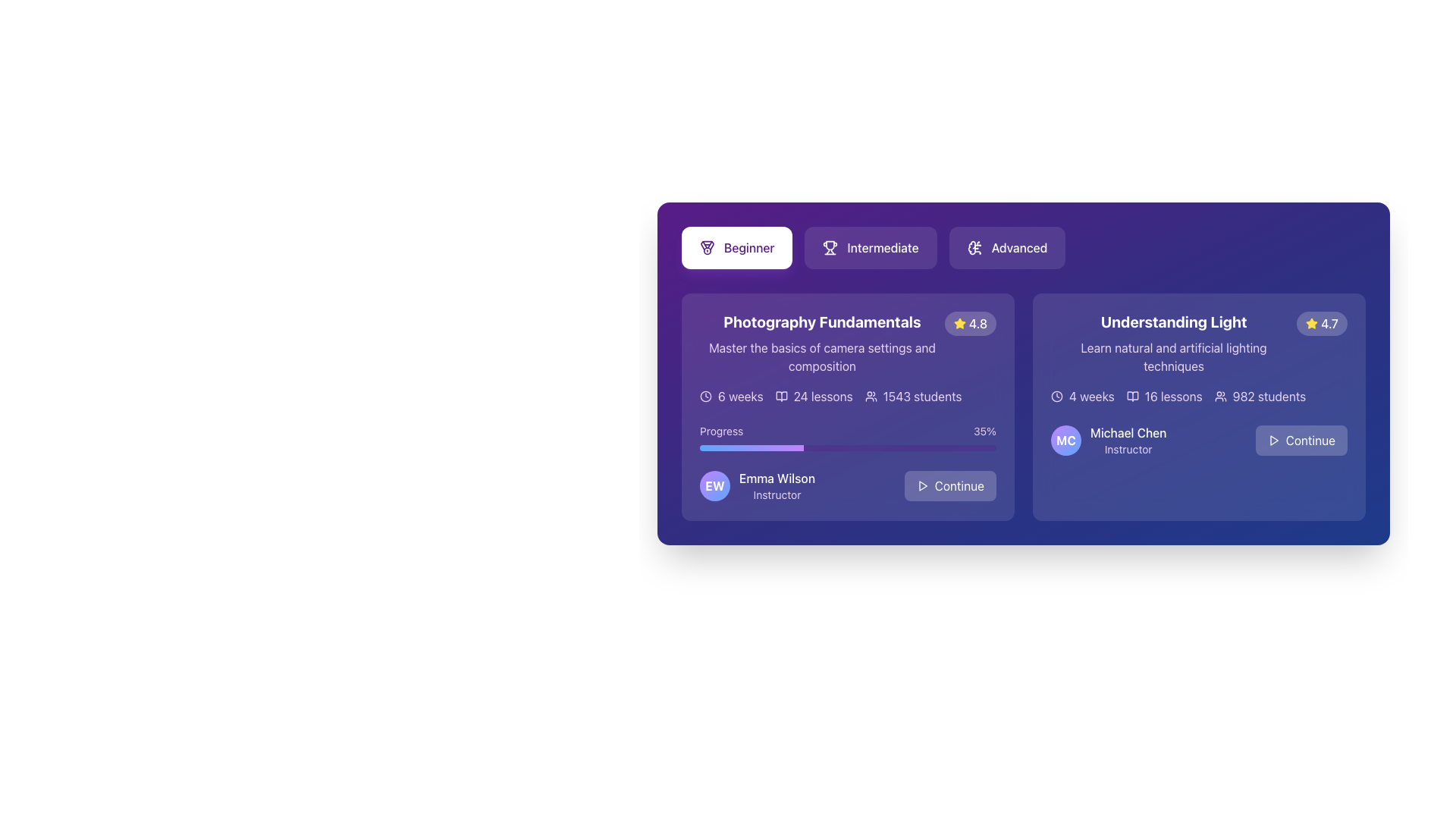  What do you see at coordinates (1311, 323) in the screenshot?
I see `the rating star icon located in the upper-right card, which is positioned directly to the left of the numeric text '4.7'` at bounding box center [1311, 323].